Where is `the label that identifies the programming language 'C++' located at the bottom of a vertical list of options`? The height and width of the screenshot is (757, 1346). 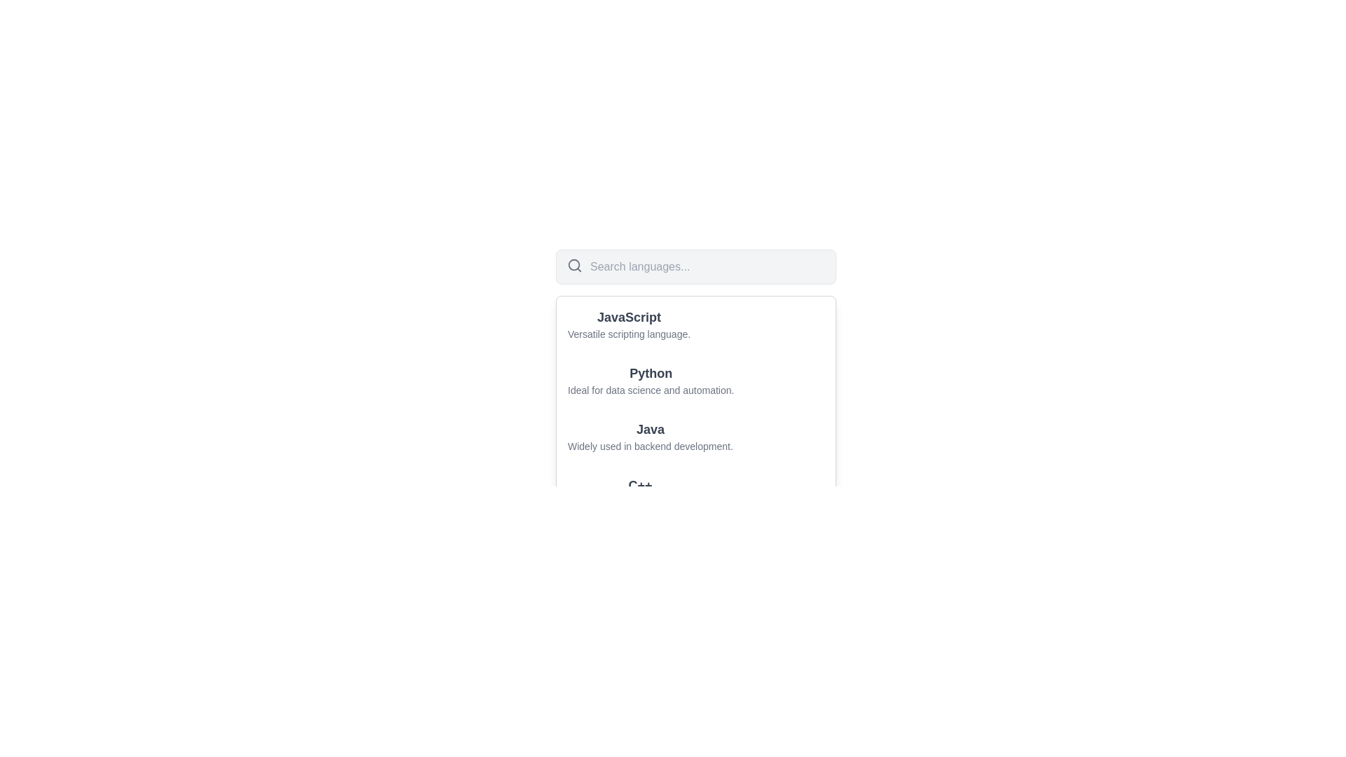 the label that identifies the programming language 'C++' located at the bottom of a vertical list of options is located at coordinates (639, 485).